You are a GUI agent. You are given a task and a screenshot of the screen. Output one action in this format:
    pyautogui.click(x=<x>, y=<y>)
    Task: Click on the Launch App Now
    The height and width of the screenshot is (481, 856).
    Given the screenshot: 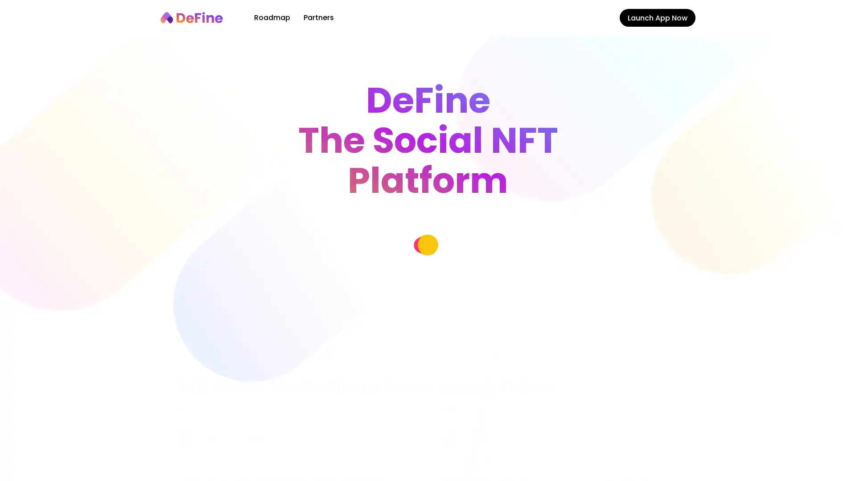 What is the action you would take?
    pyautogui.click(x=657, y=17)
    